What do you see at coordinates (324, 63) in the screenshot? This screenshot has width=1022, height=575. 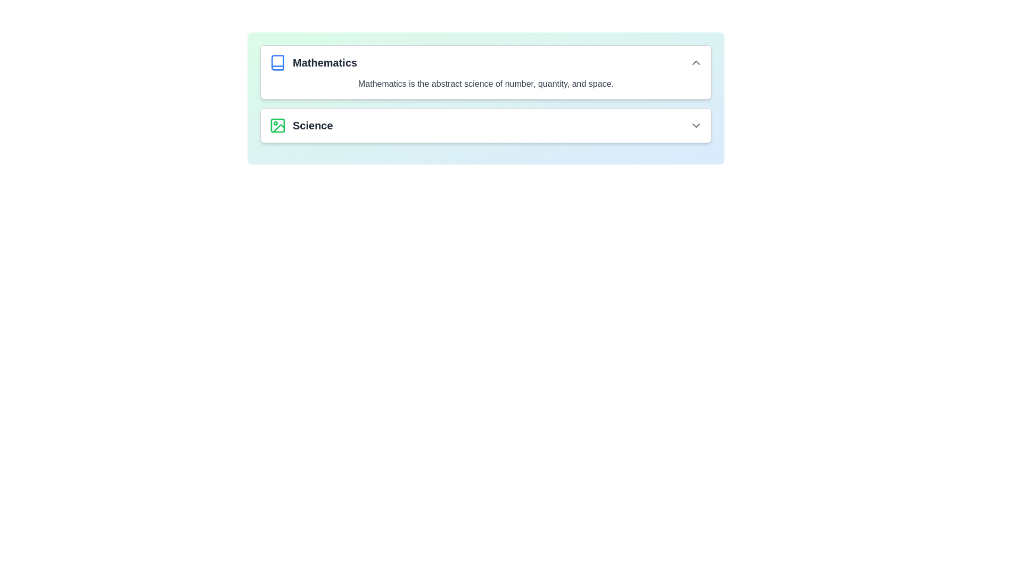 I see `title of the section labeled 'Mathematics', which is positioned to the right of a blue book icon in the top-left section of the interface` at bounding box center [324, 63].